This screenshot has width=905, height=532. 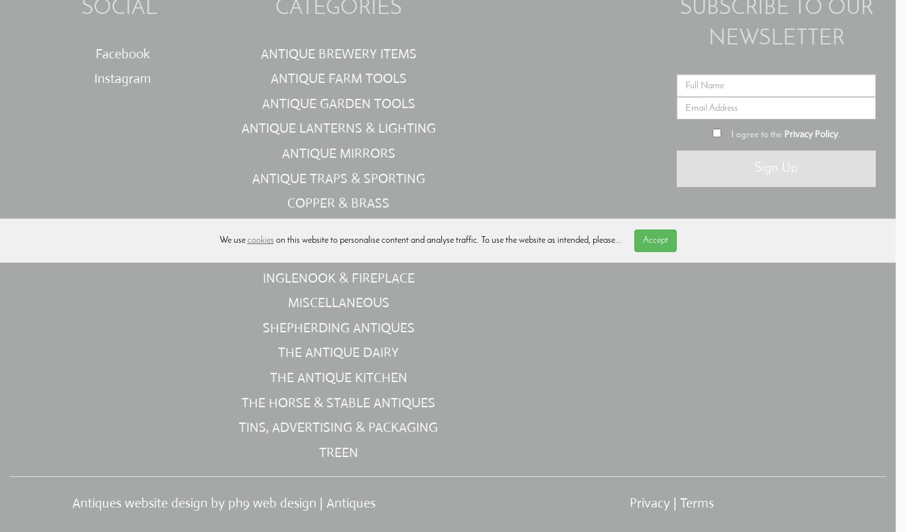 I want to click on 'DECORATIVE & INTERIORS', so click(x=337, y=228).